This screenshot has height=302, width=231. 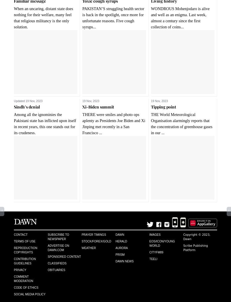 What do you see at coordinates (81, 241) in the screenshot?
I see `'Stock/Forex/Gold'` at bounding box center [81, 241].